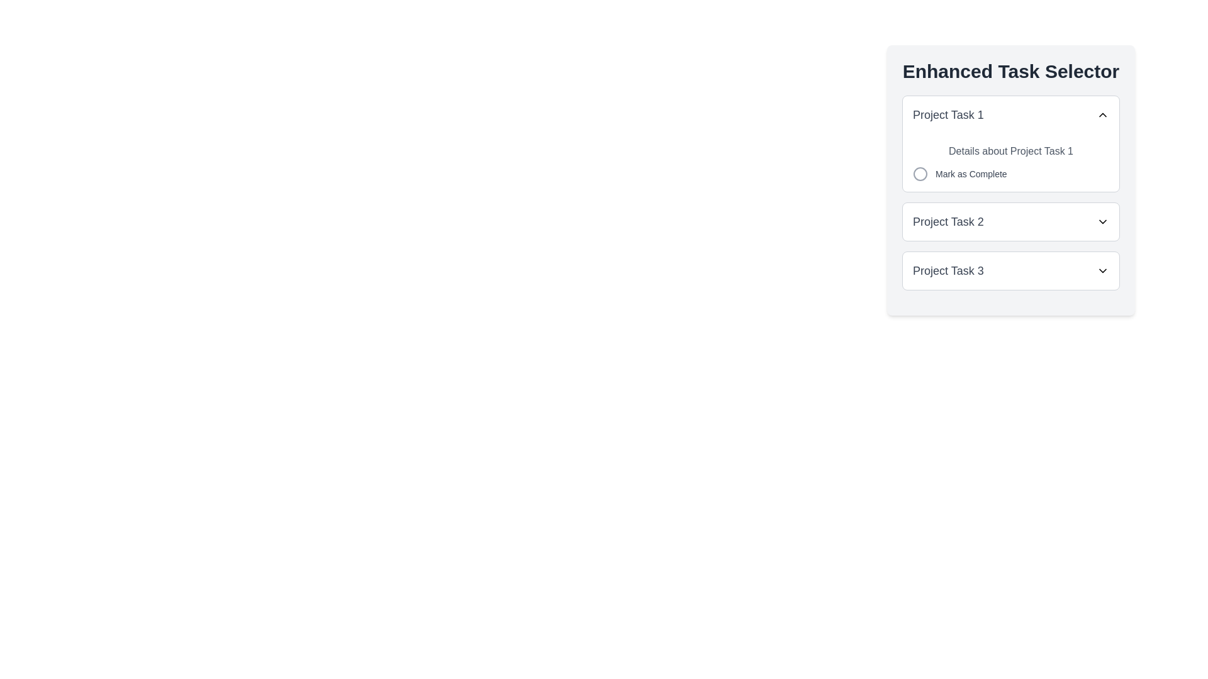  What do you see at coordinates (920, 174) in the screenshot?
I see `the icon located to the left of the text 'Mark as Complete' in the first section of the interface` at bounding box center [920, 174].